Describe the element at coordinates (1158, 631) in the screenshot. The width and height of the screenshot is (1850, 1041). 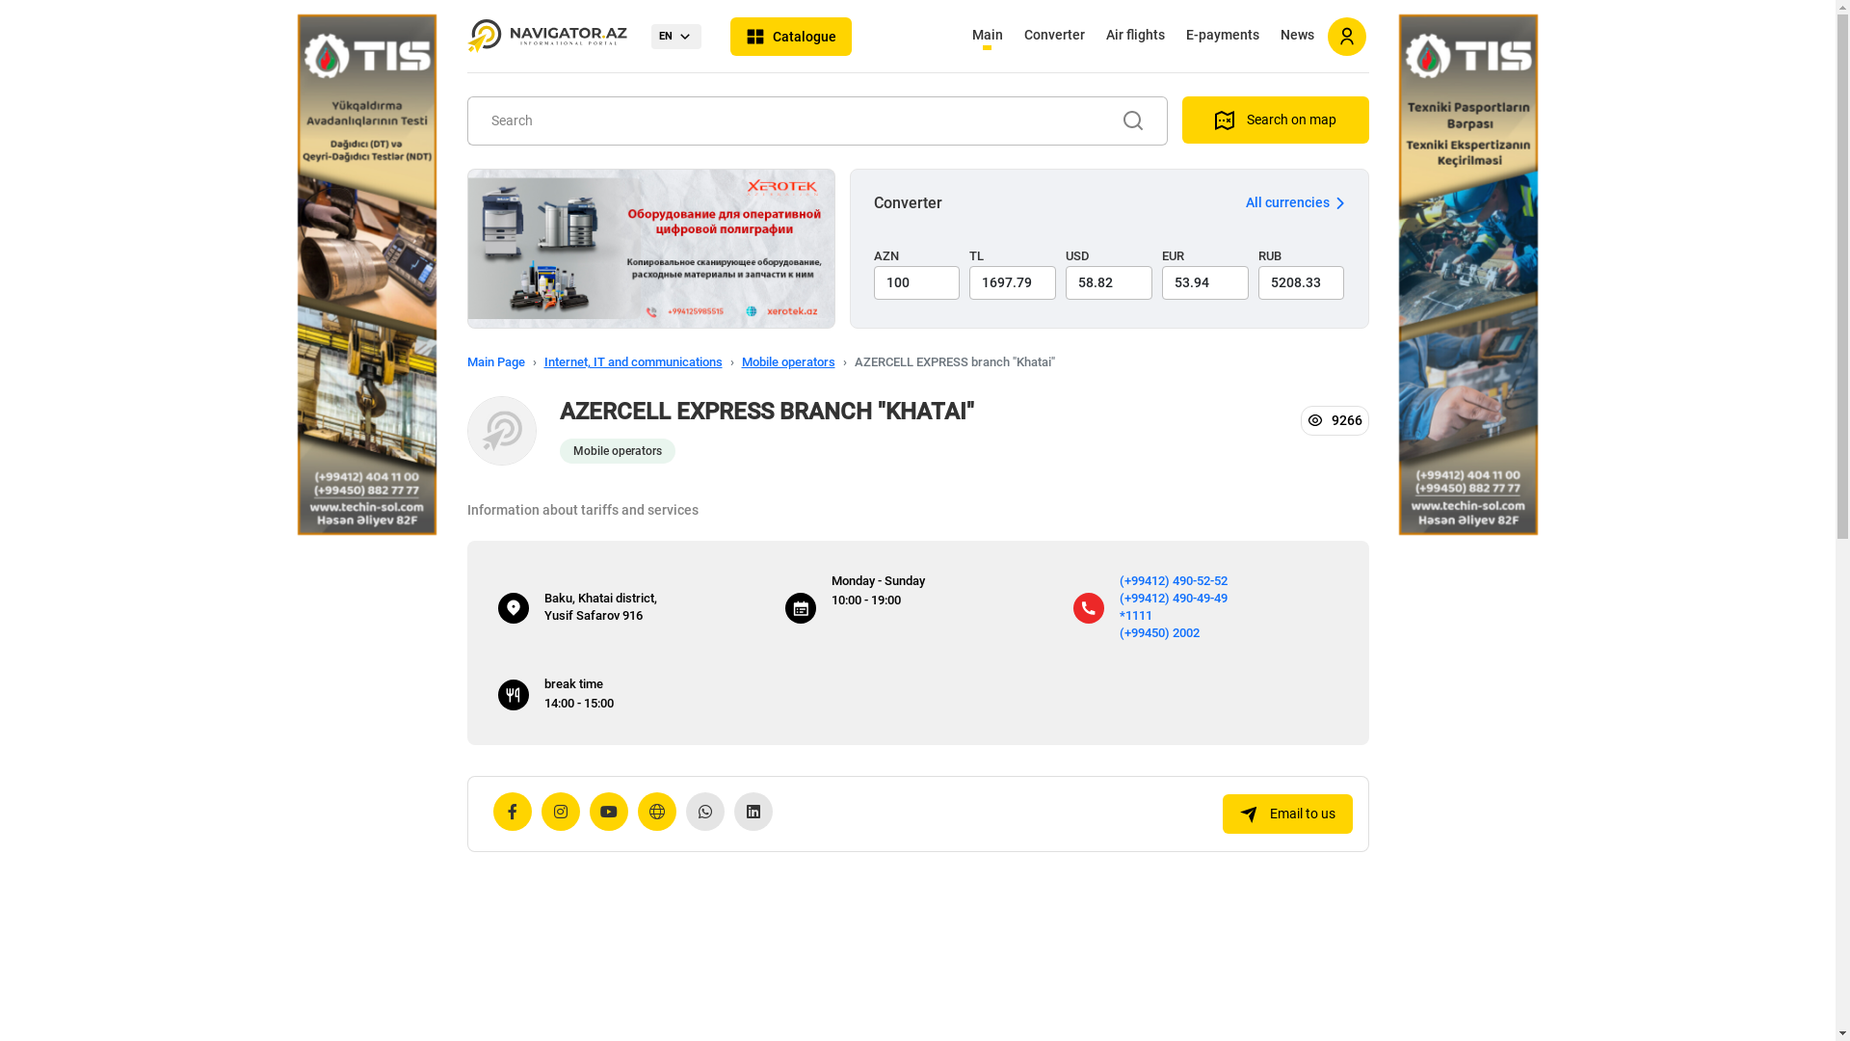
I see `'(+99450) 2002'` at that location.